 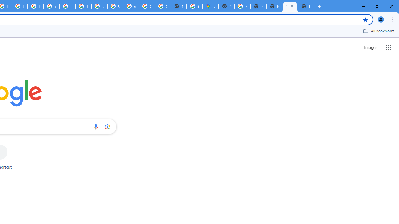 What do you see at coordinates (306, 6) in the screenshot?
I see `'New Tab'` at bounding box center [306, 6].